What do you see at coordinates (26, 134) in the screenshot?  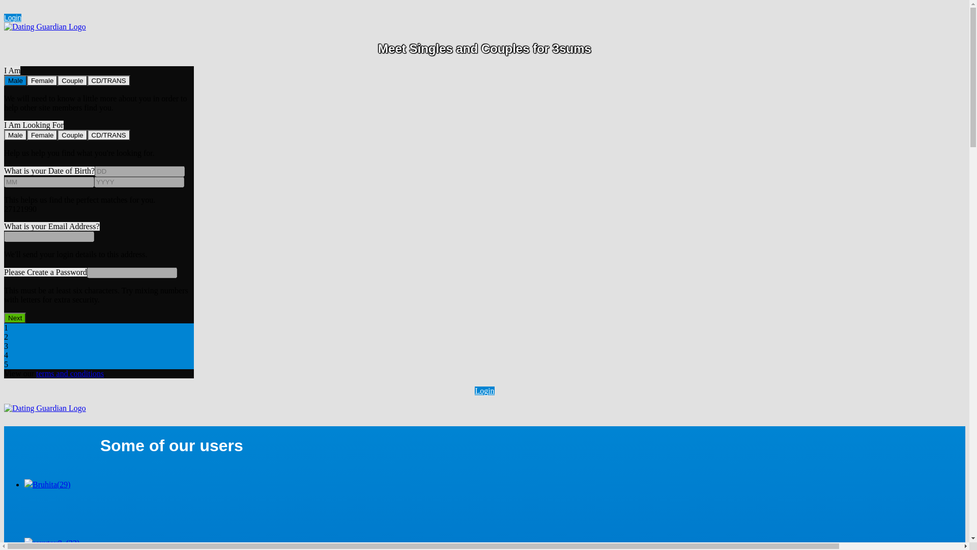 I see `'Female'` at bounding box center [26, 134].